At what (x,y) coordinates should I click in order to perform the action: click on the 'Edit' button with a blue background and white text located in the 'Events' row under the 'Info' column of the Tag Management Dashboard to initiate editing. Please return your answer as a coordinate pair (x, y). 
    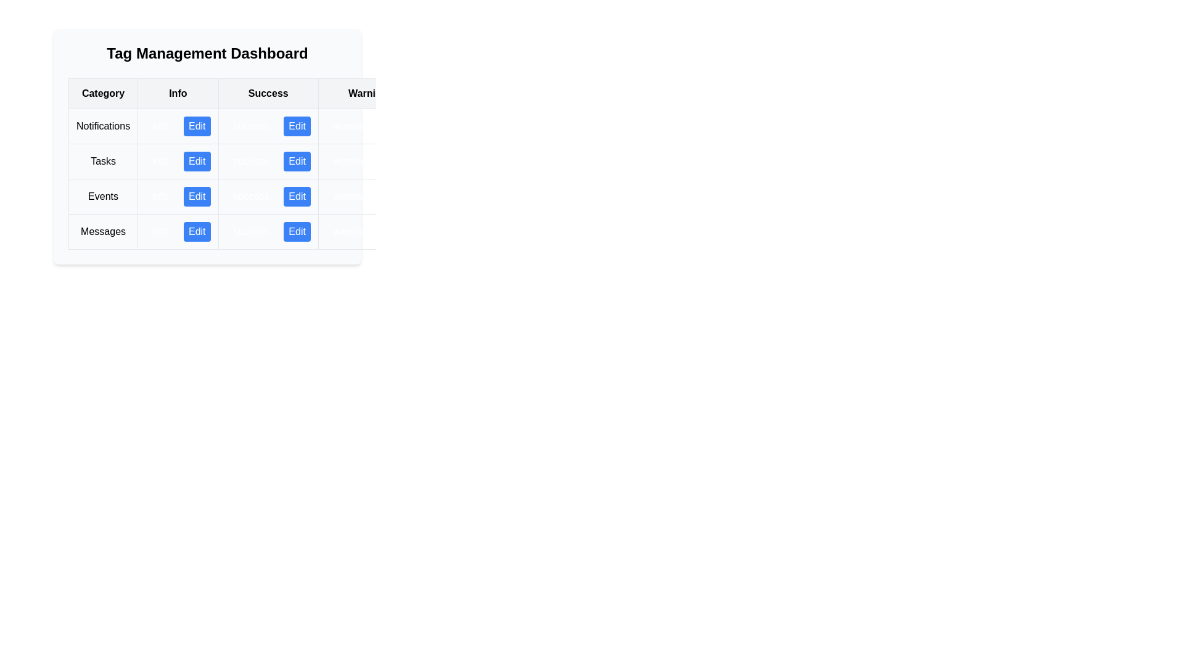
    Looking at the image, I should click on (196, 196).